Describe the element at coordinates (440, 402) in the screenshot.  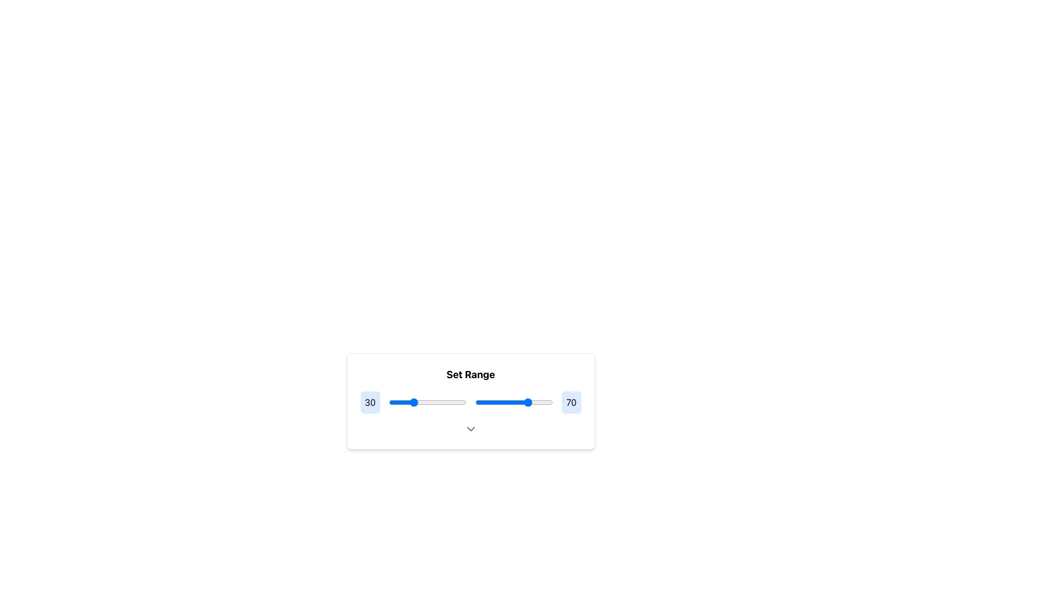
I see `the start value of the range slider` at that location.